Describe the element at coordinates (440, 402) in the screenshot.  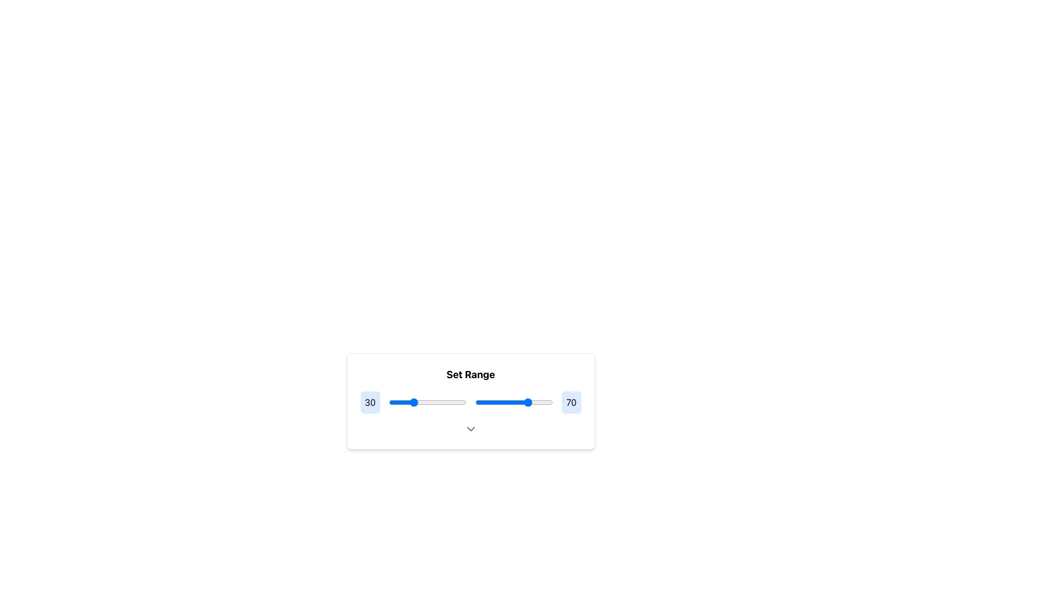
I see `the start value of the range slider` at that location.